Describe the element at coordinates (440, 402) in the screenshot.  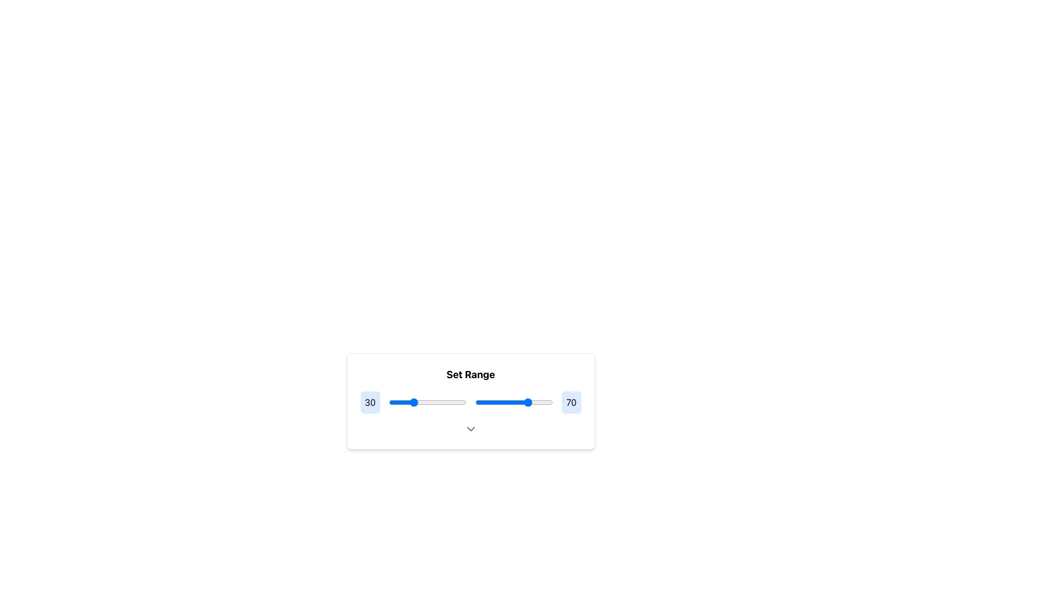
I see `the start value of the range slider` at that location.